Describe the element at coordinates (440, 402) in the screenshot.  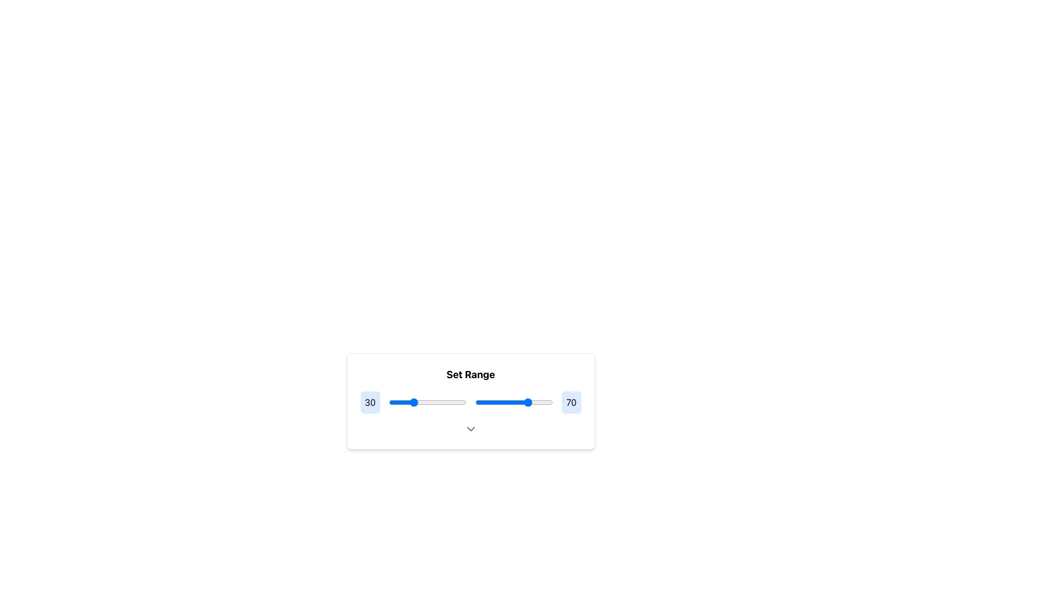
I see `the start value of the range slider` at that location.